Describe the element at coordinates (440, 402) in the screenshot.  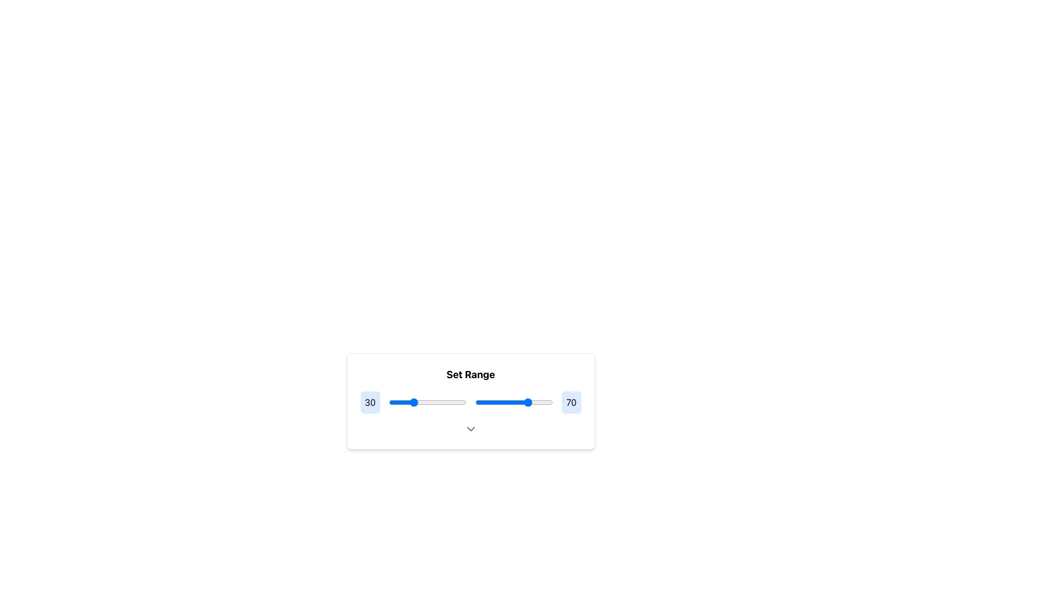
I see `the start value of the range slider` at that location.